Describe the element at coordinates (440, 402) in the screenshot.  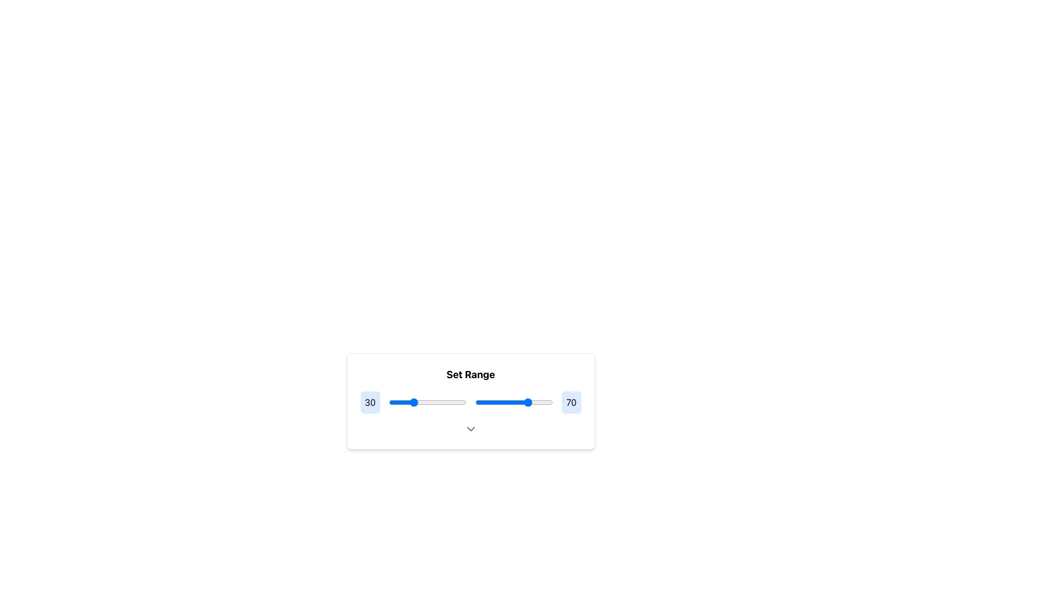
I see `the start value of the range slider` at that location.